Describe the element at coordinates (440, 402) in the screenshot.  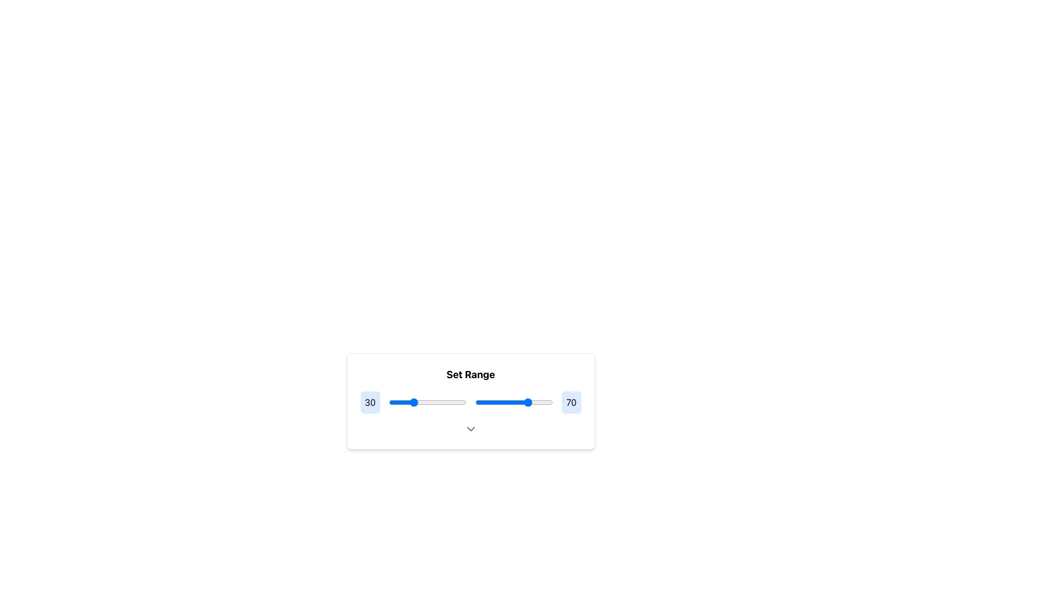
I see `the start value of the range slider` at that location.